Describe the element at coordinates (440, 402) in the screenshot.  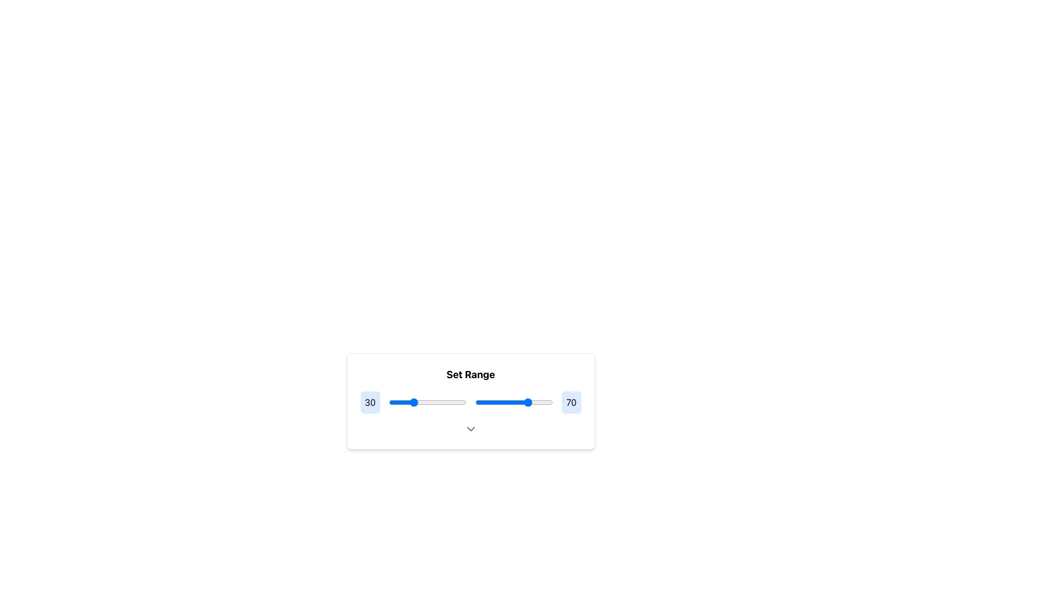
I see `the start value of the range slider` at that location.